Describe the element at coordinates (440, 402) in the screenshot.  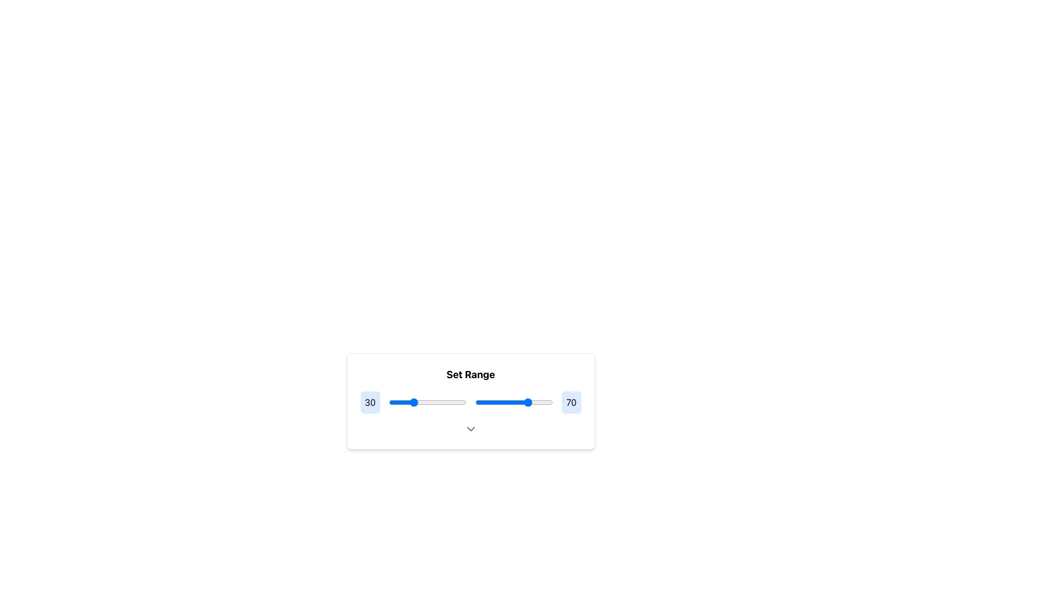
I see `the start value of the range slider` at that location.